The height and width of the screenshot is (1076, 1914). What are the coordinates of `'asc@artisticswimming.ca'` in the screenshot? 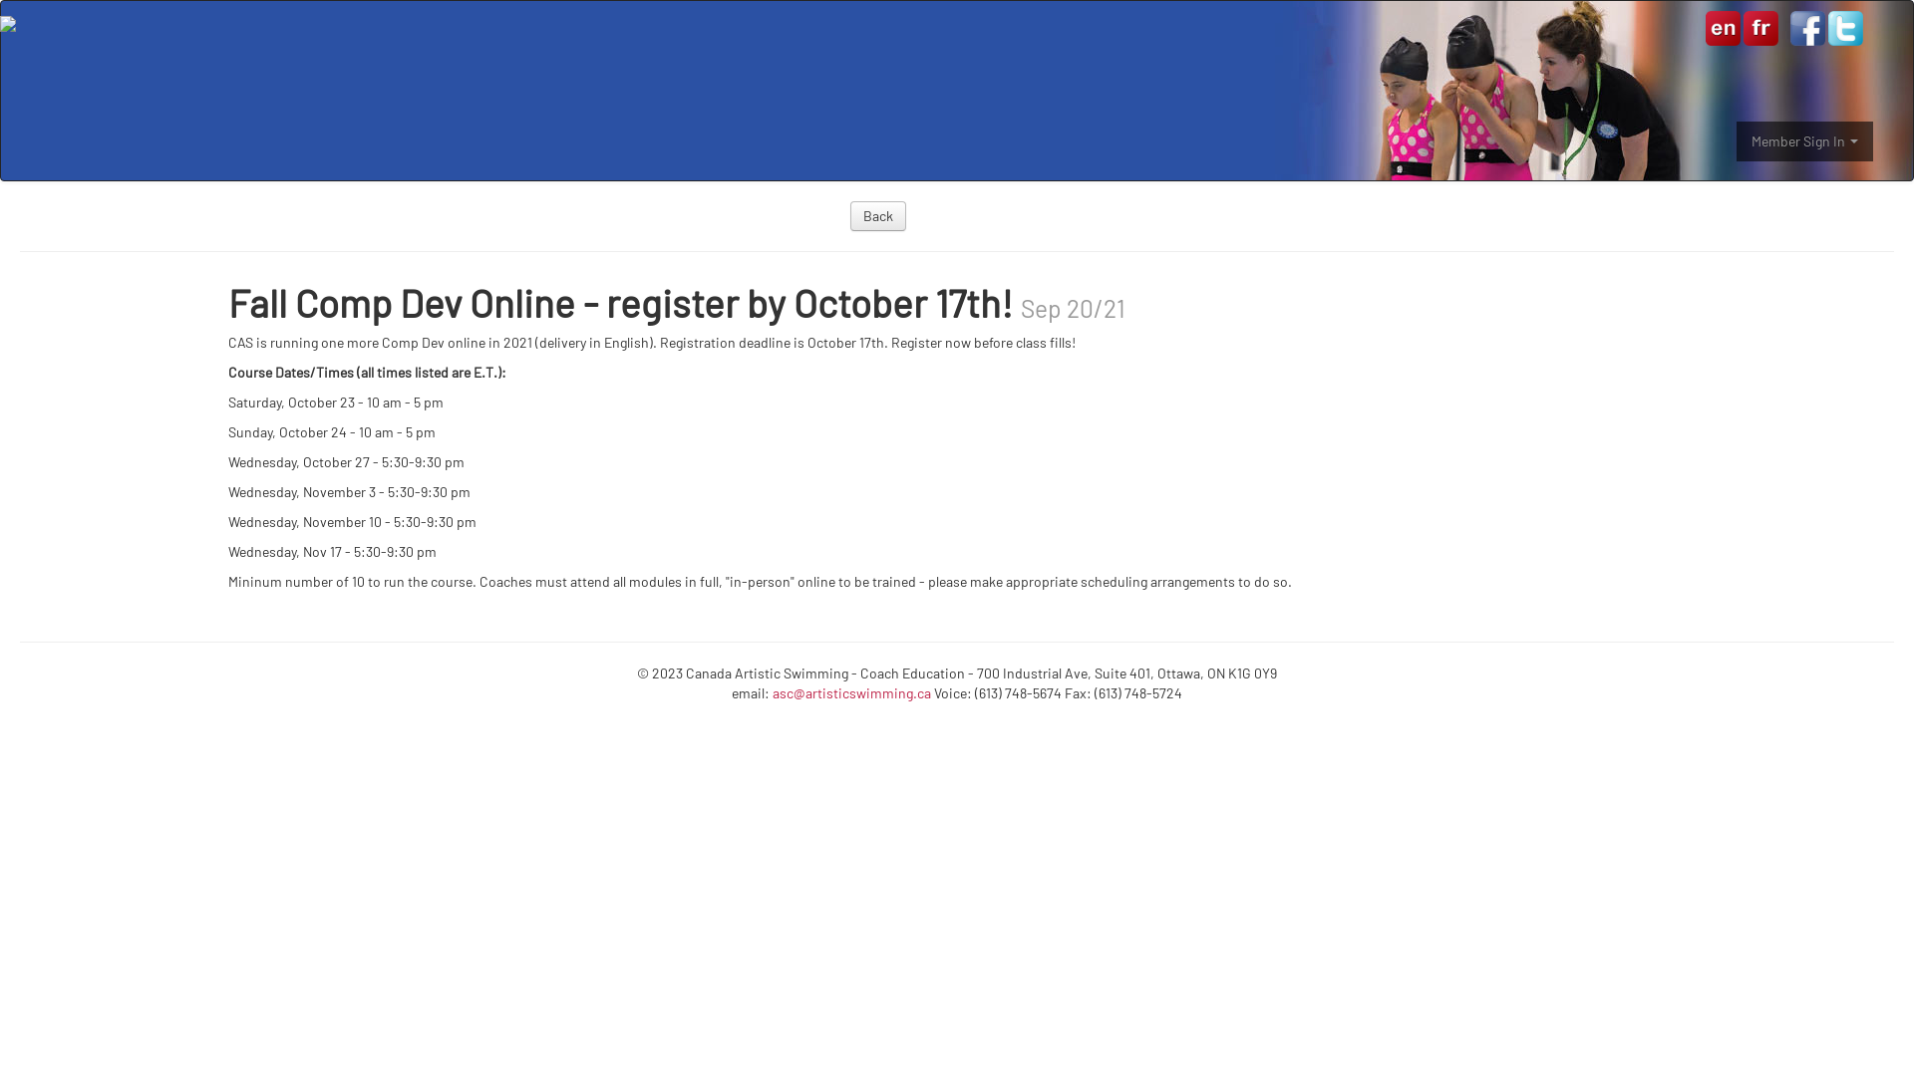 It's located at (851, 691).